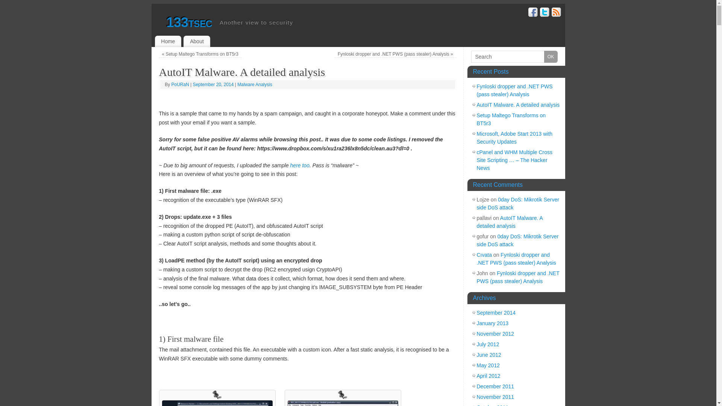 The height and width of the screenshot is (406, 722). Describe the element at coordinates (493, 323) in the screenshot. I see `'January 2013'` at that location.